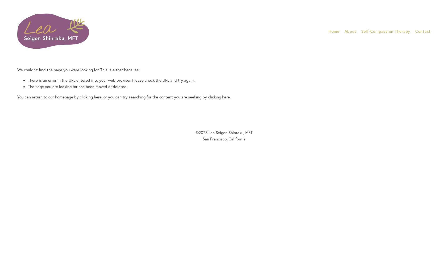 This screenshot has height=266, width=448. Describe the element at coordinates (48, 96) in the screenshot. I see `'You can return to our homepage by'` at that location.